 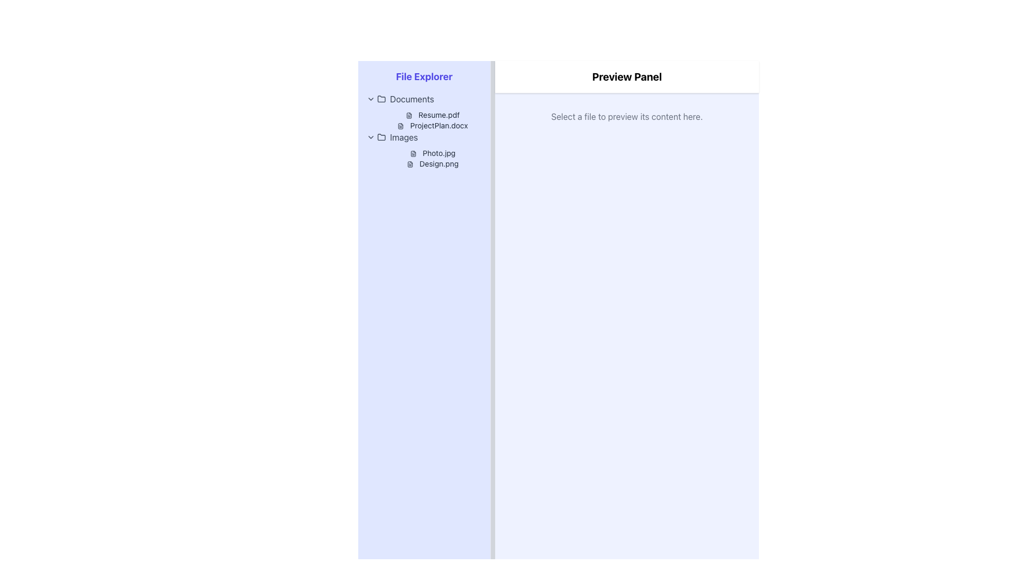 What do you see at coordinates (371, 136) in the screenshot?
I see `the downward-pointing chevron arrow (Dropdown Indicator) next to the 'Images' label` at bounding box center [371, 136].